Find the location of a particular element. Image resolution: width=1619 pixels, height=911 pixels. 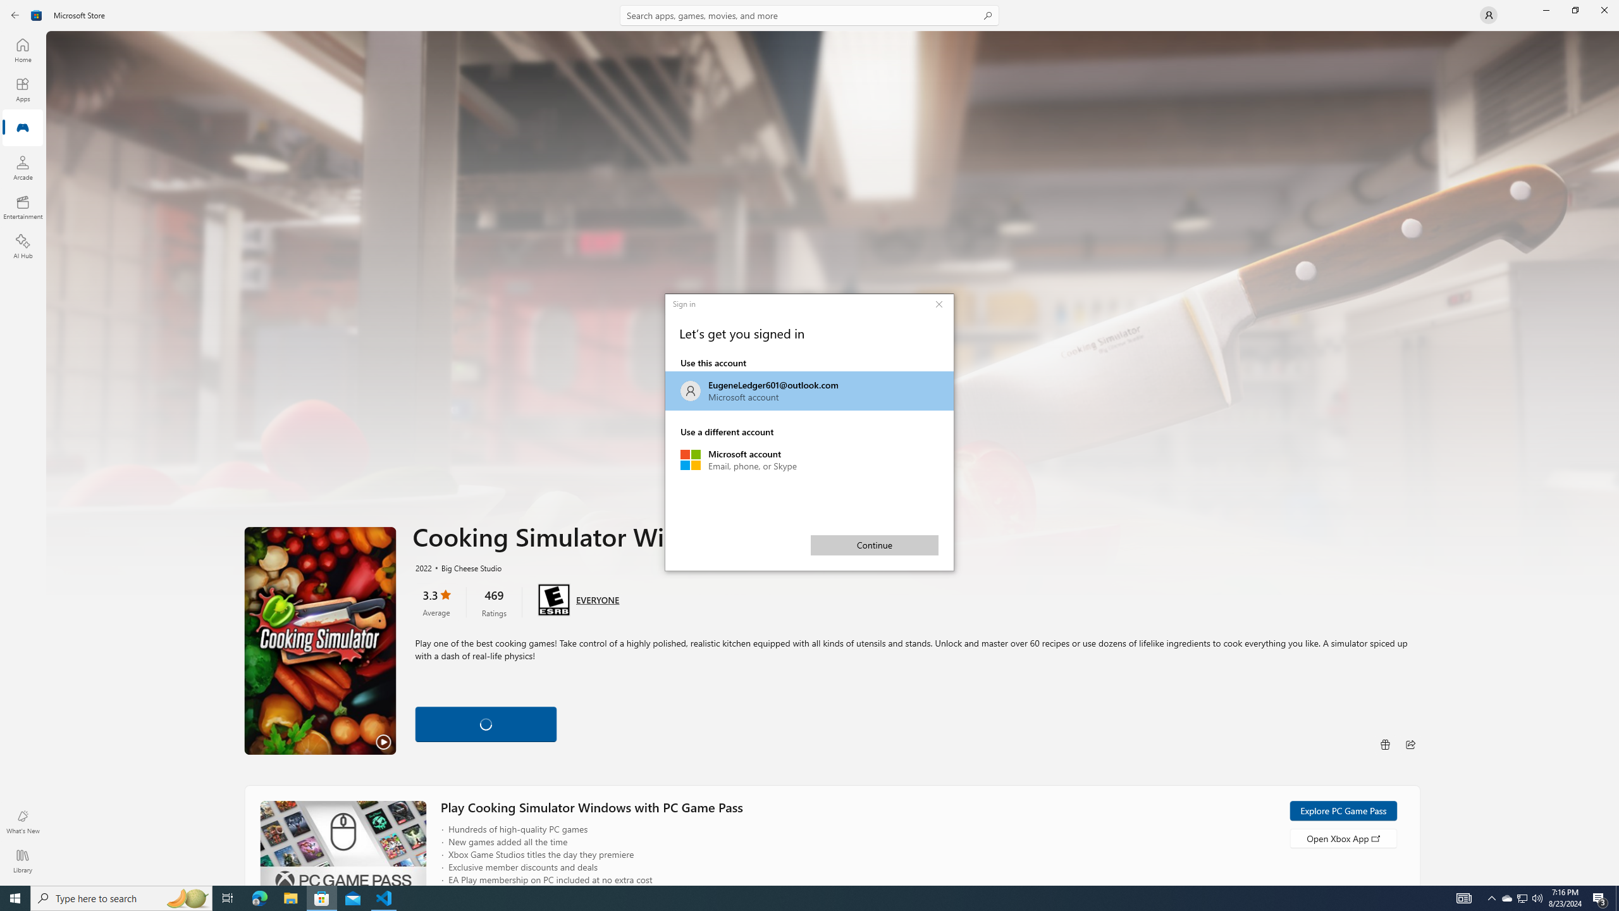

'Task View' is located at coordinates (226, 897).